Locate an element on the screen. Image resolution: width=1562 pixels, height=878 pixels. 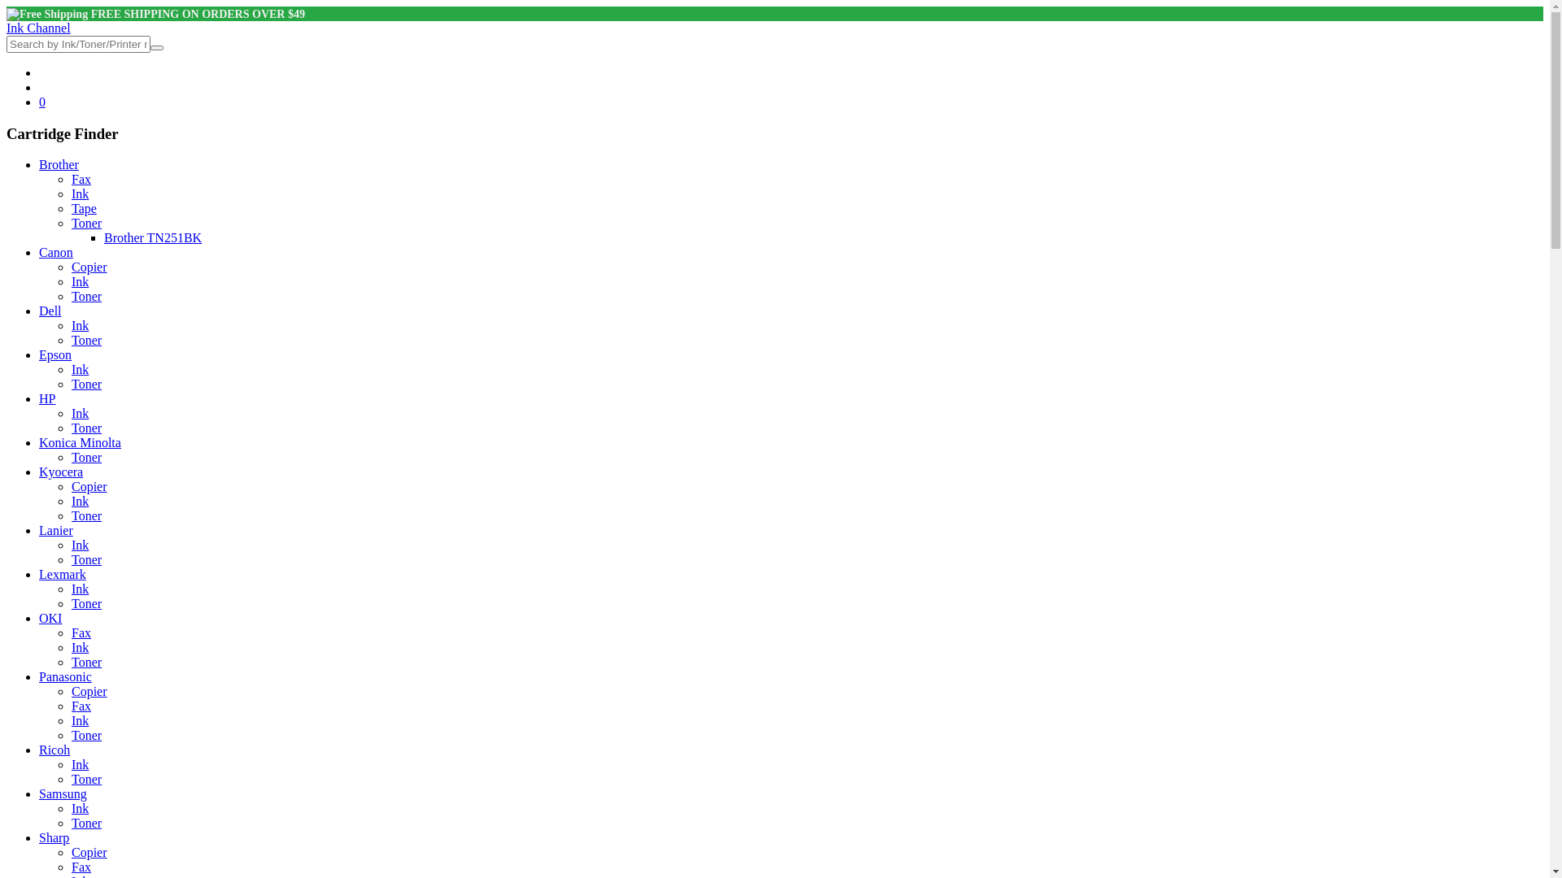
'Dell' is located at coordinates (50, 311).